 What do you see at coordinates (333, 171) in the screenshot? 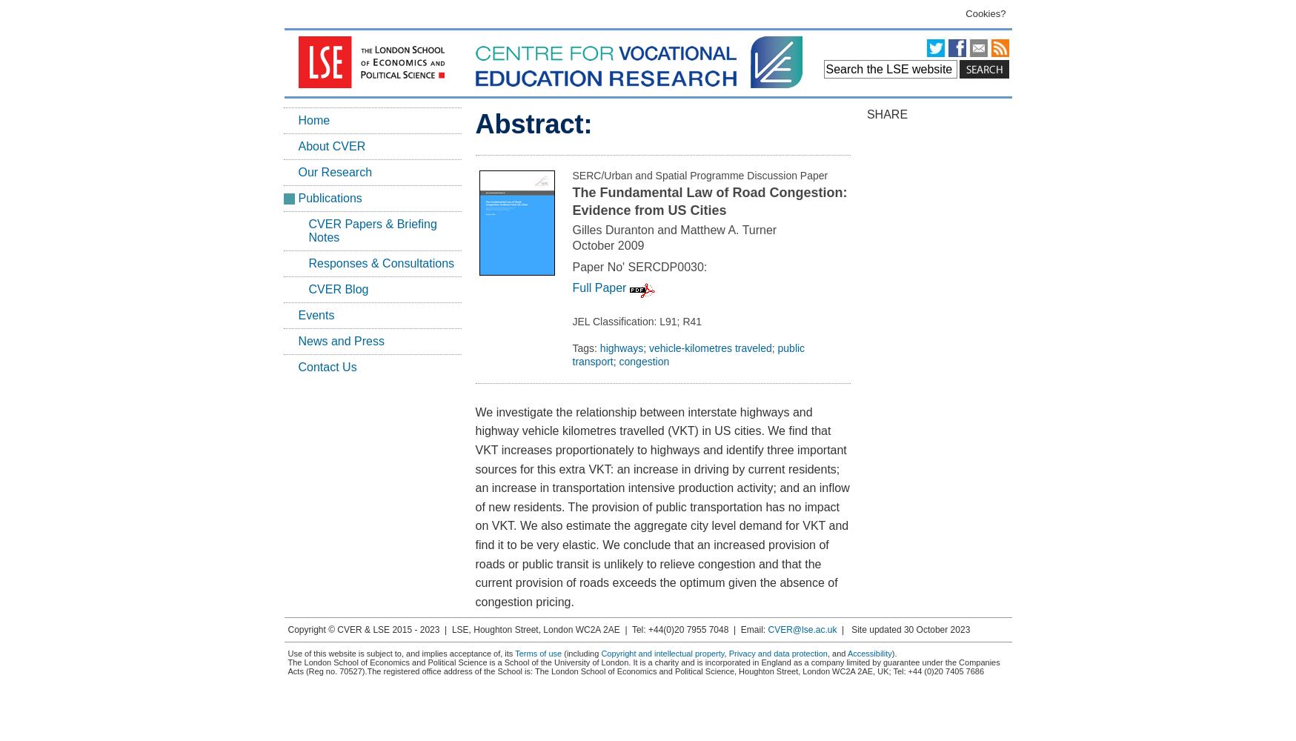
I see `'Our Research'` at bounding box center [333, 171].